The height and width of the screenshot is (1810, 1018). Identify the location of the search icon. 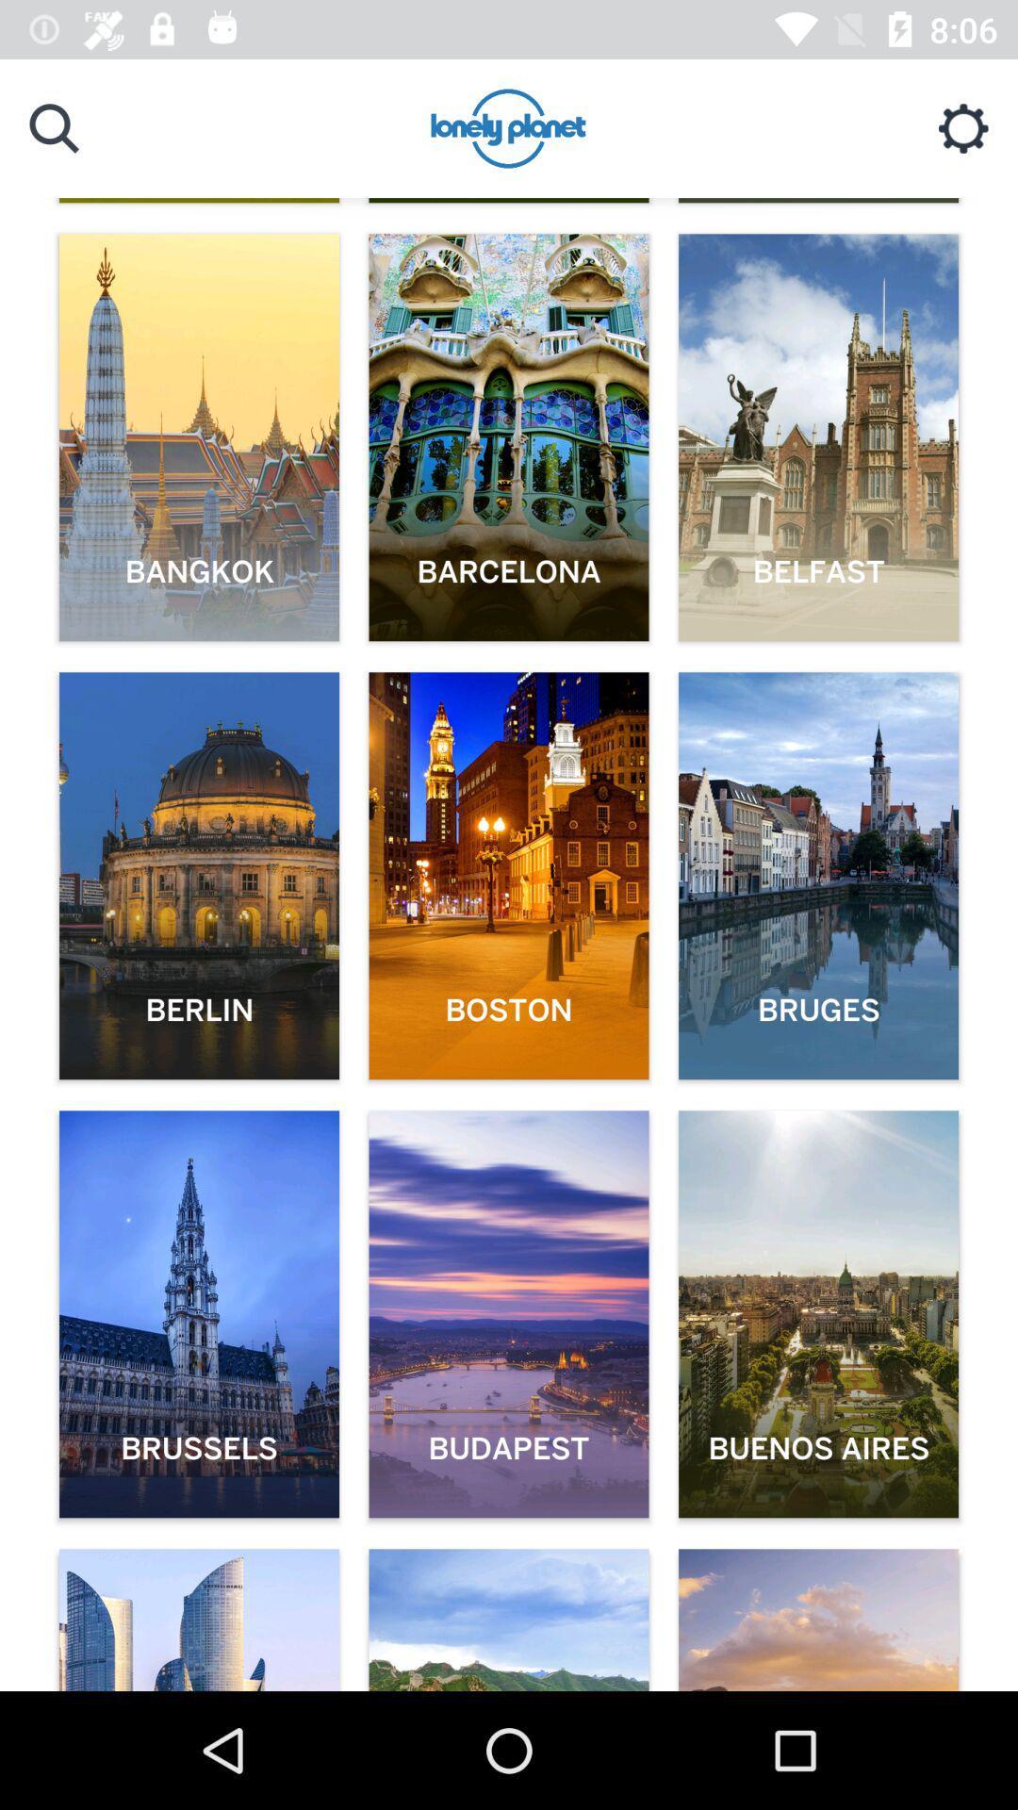
(53, 127).